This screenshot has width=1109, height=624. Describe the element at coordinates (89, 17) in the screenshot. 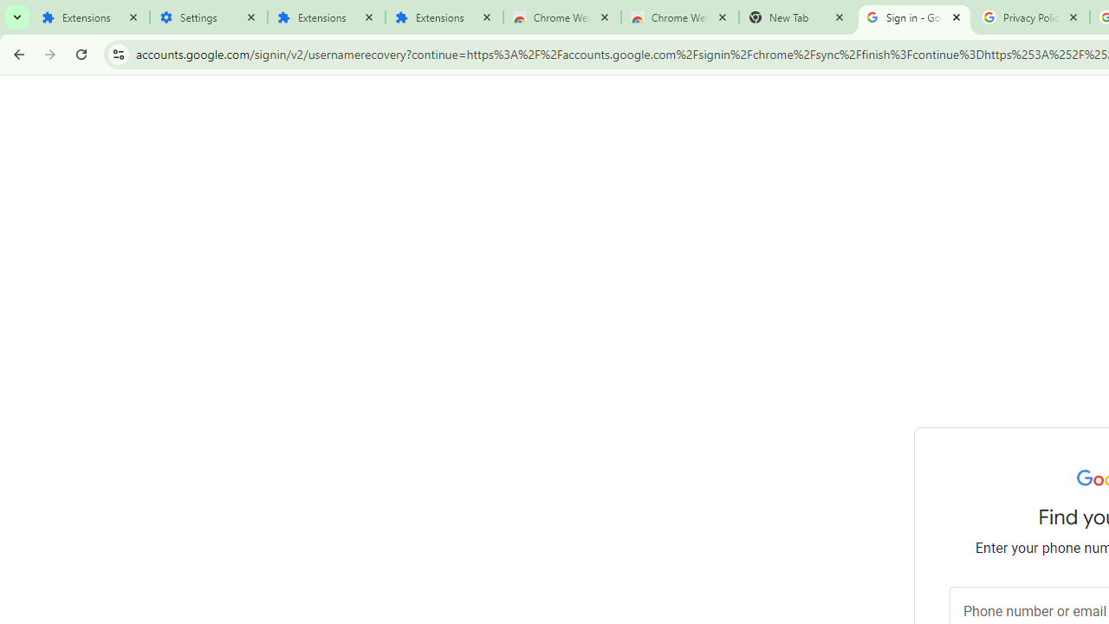

I see `'Extensions'` at that location.